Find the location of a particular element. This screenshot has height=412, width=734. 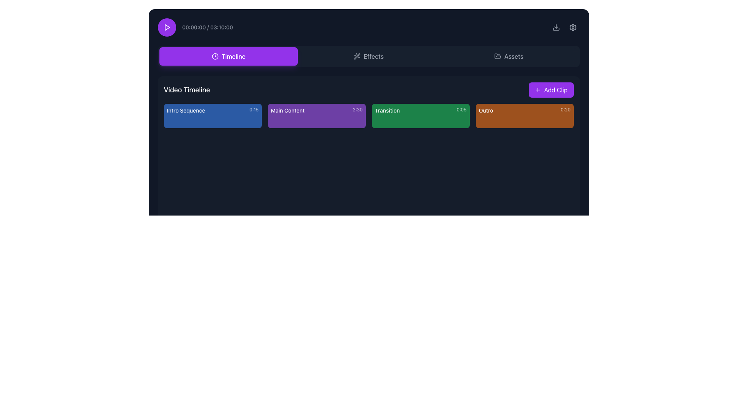

the 'time' or 'timeline' icon located on the left side of the 'Timeline' button is located at coordinates (214, 56).